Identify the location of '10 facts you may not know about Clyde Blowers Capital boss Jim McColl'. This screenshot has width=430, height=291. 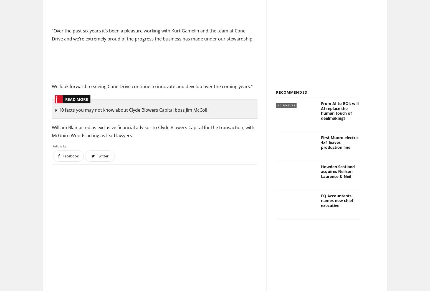
(133, 110).